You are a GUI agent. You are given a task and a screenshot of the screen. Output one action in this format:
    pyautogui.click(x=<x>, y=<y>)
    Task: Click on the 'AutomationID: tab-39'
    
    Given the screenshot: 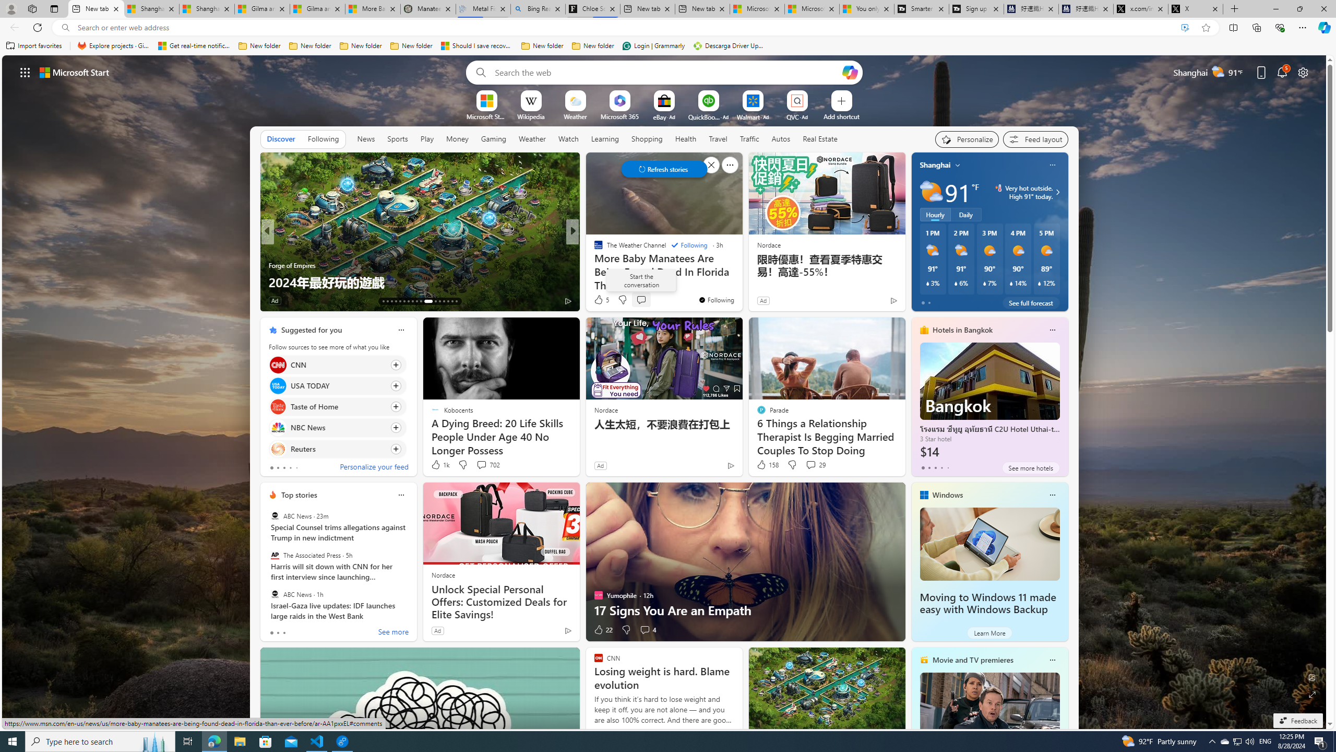 What is the action you would take?
    pyautogui.click(x=443, y=301)
    